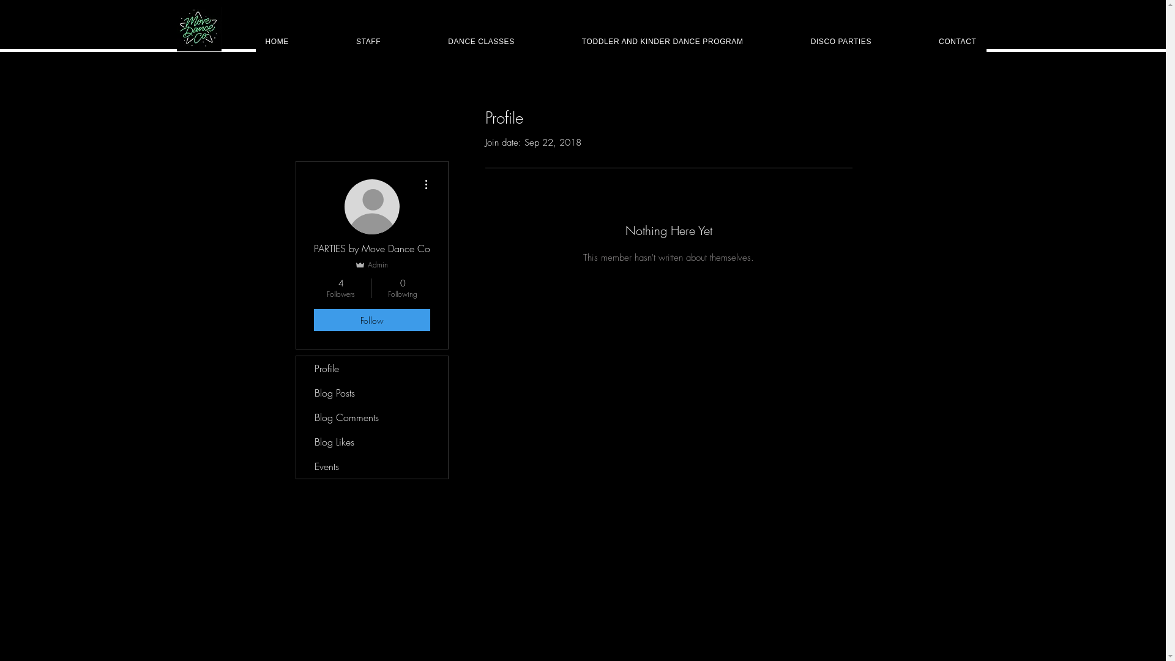 This screenshot has width=1175, height=661. Describe the element at coordinates (340, 288) in the screenshot. I see `'4` at that location.